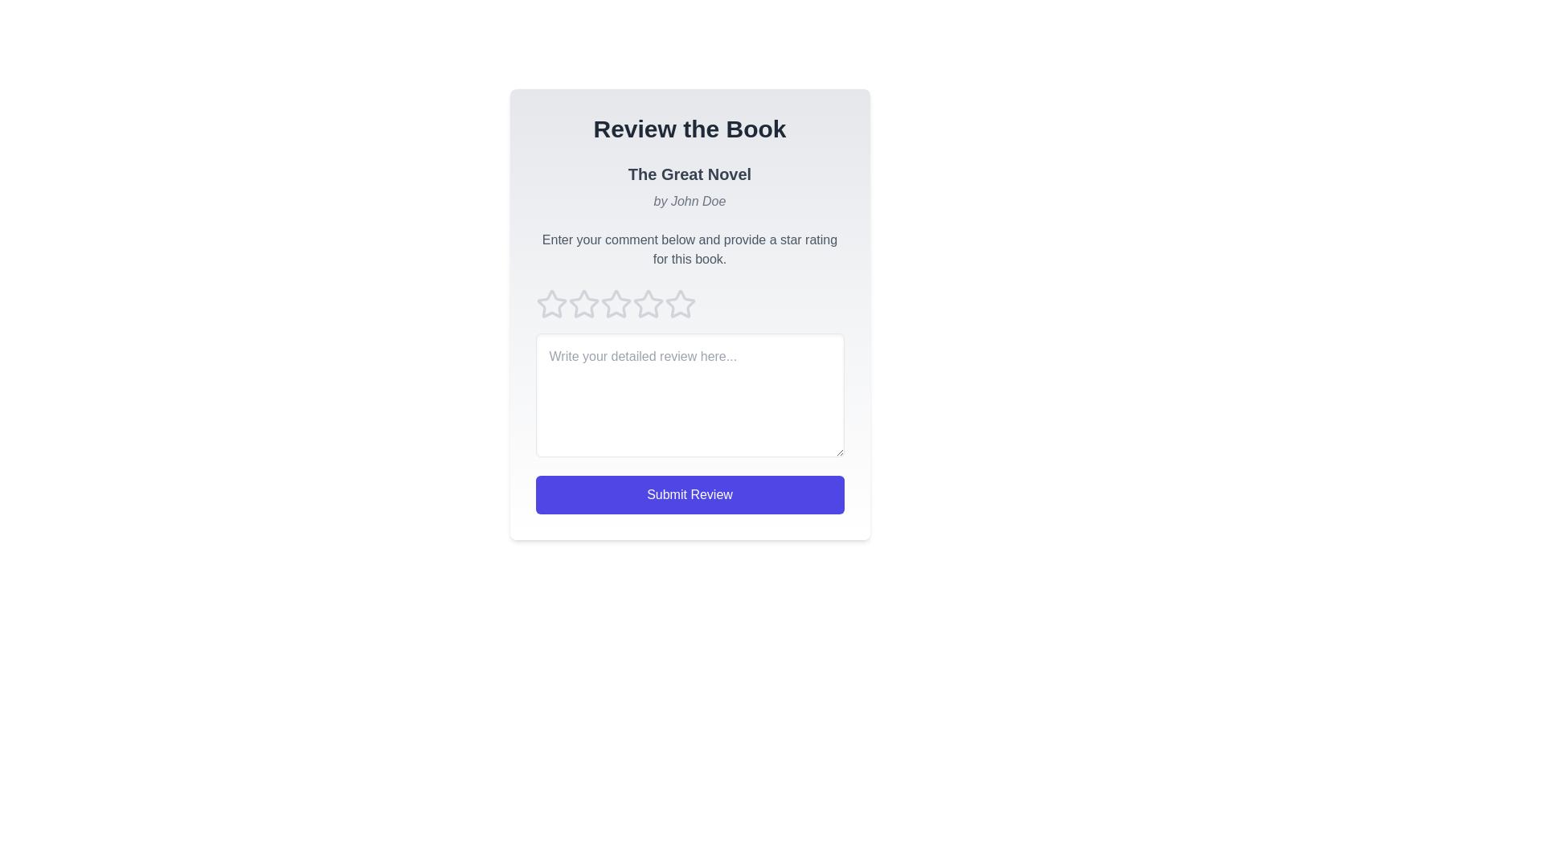 Image resolution: width=1543 pixels, height=868 pixels. What do you see at coordinates (690, 395) in the screenshot?
I see `the text area to focus and prepare for text entry` at bounding box center [690, 395].